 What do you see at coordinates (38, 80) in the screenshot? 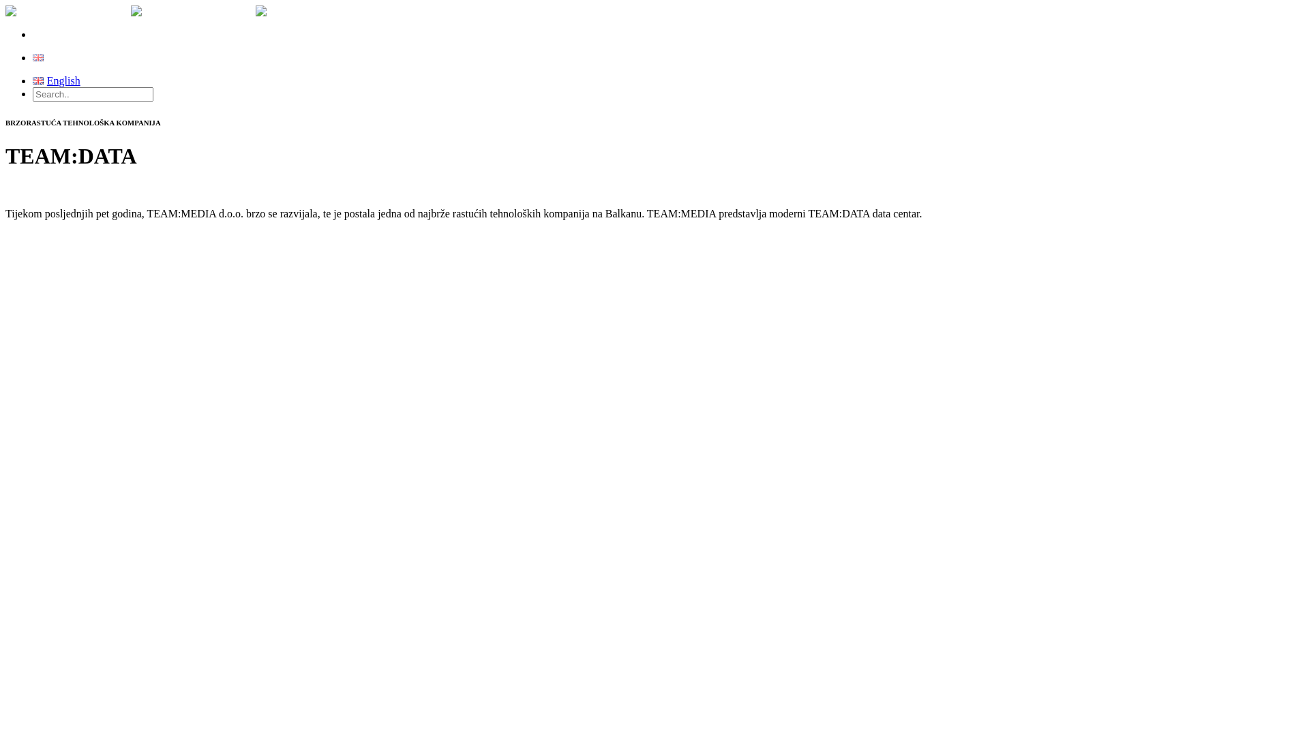
I see `'English'` at bounding box center [38, 80].